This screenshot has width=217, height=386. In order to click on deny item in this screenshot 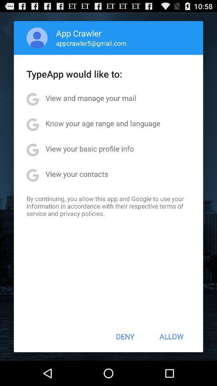, I will do `click(125, 336)`.